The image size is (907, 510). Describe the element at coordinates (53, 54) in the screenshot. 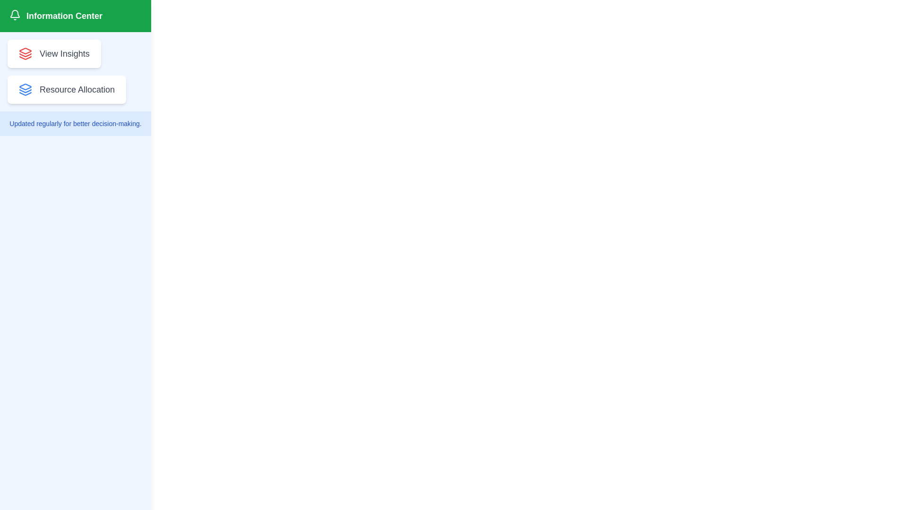

I see `the 'View Insights' button to select it` at that location.